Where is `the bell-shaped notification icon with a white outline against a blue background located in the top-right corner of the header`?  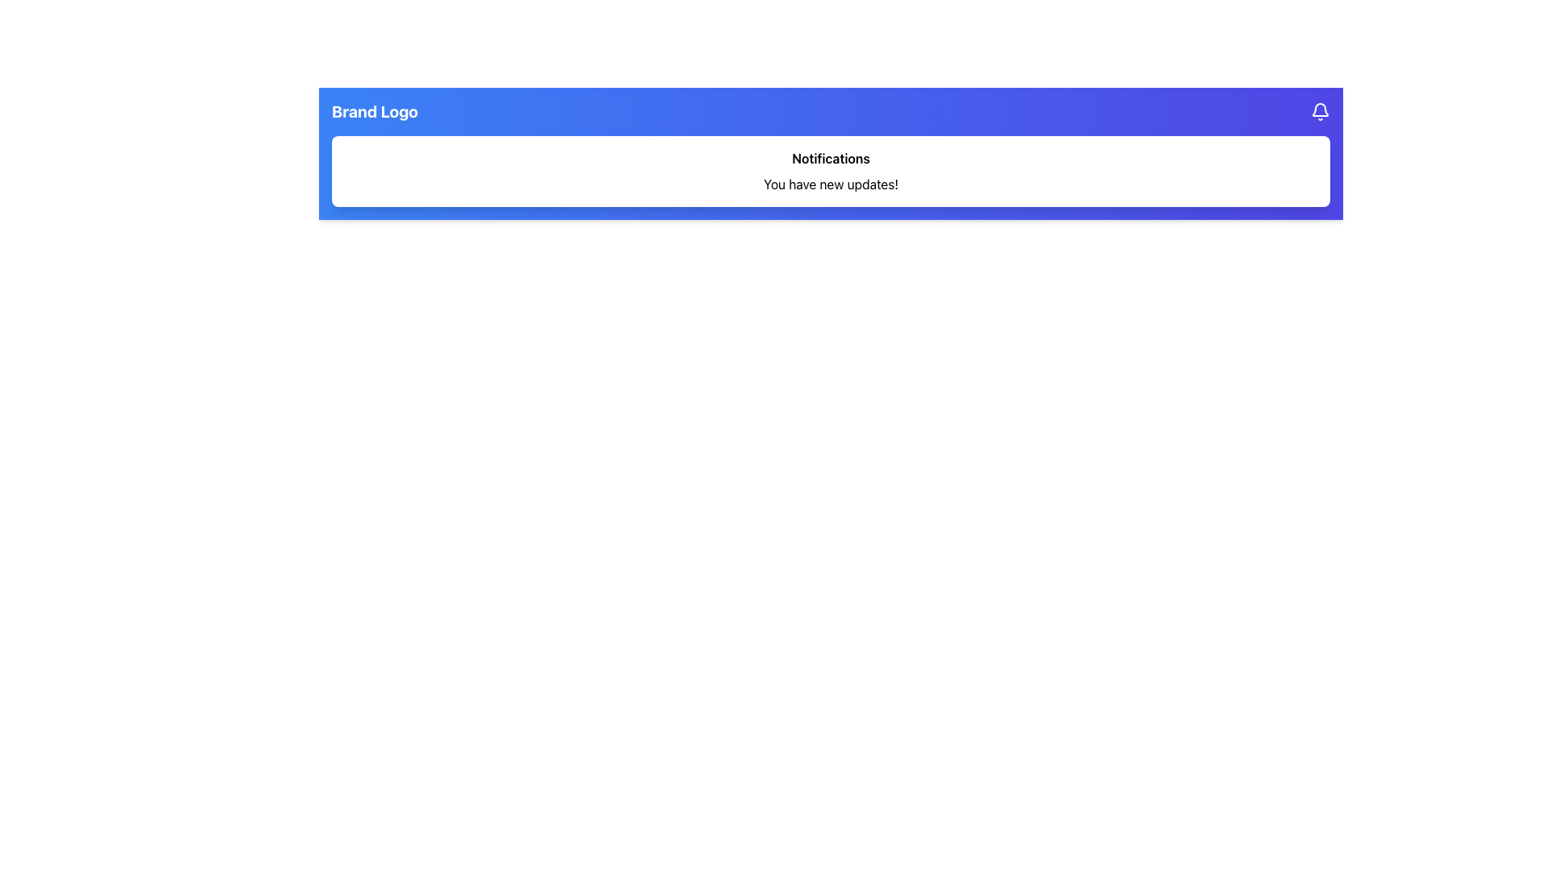
the bell-shaped notification icon with a white outline against a blue background located in the top-right corner of the header is located at coordinates (1320, 110).